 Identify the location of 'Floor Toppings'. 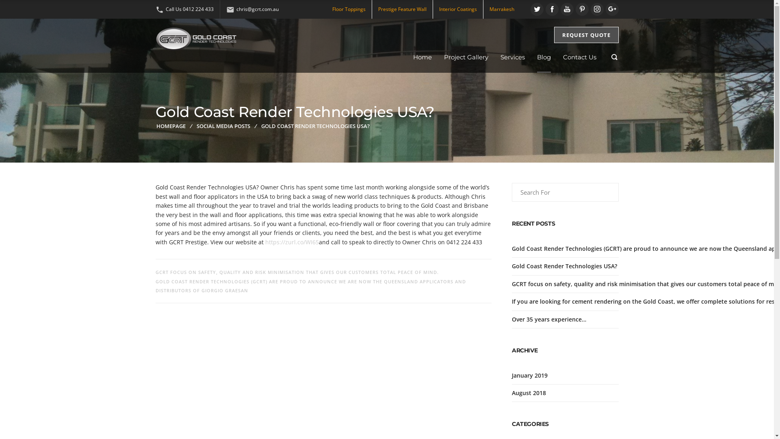
(349, 9).